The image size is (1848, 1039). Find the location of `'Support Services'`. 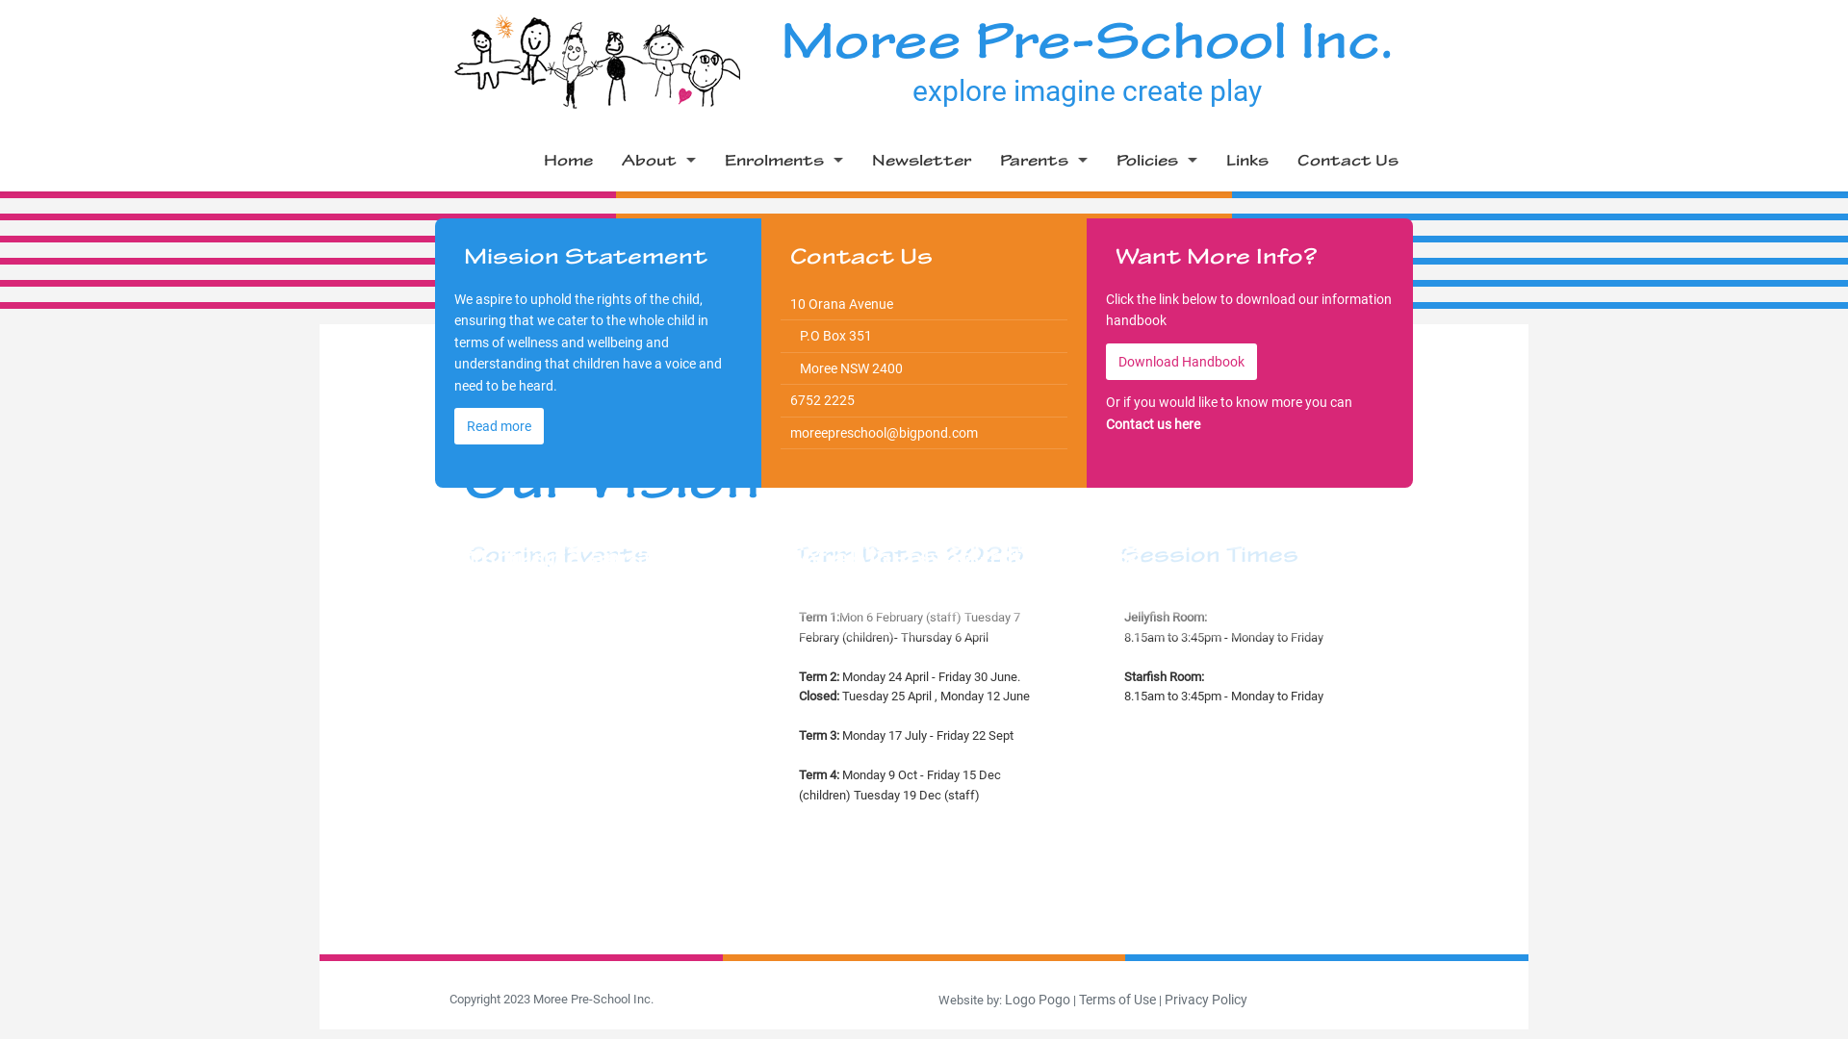

'Support Services' is located at coordinates (605, 376).